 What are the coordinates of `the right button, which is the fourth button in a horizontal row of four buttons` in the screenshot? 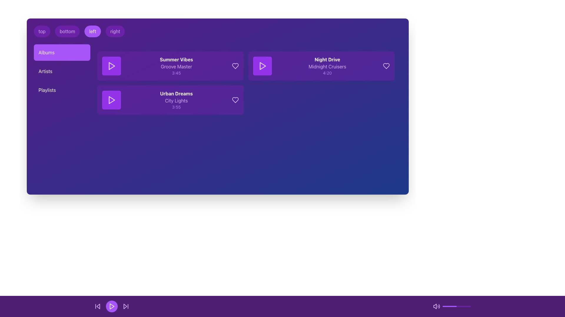 It's located at (115, 31).